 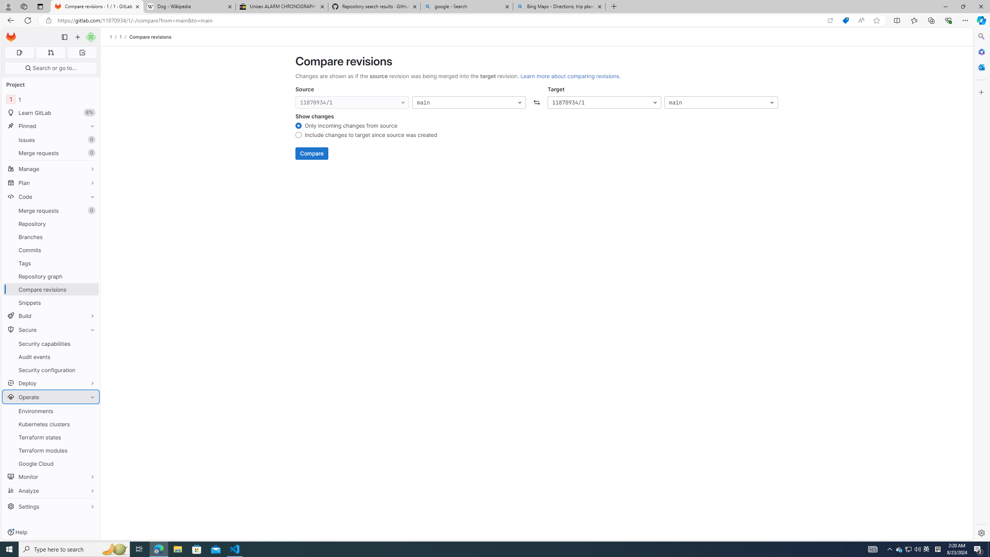 What do you see at coordinates (90, 463) in the screenshot?
I see `'Pin Google Cloud'` at bounding box center [90, 463].